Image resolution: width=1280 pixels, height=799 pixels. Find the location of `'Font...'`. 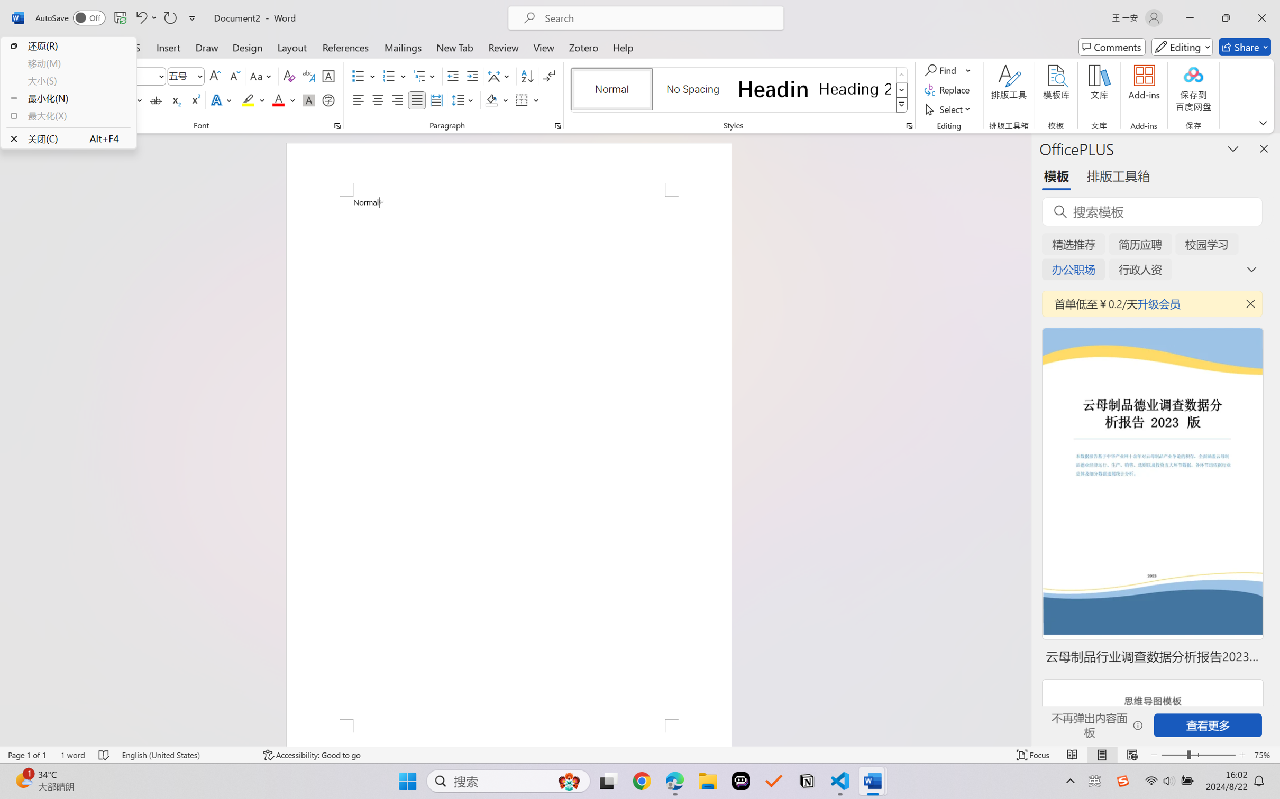

'Font...' is located at coordinates (337, 125).